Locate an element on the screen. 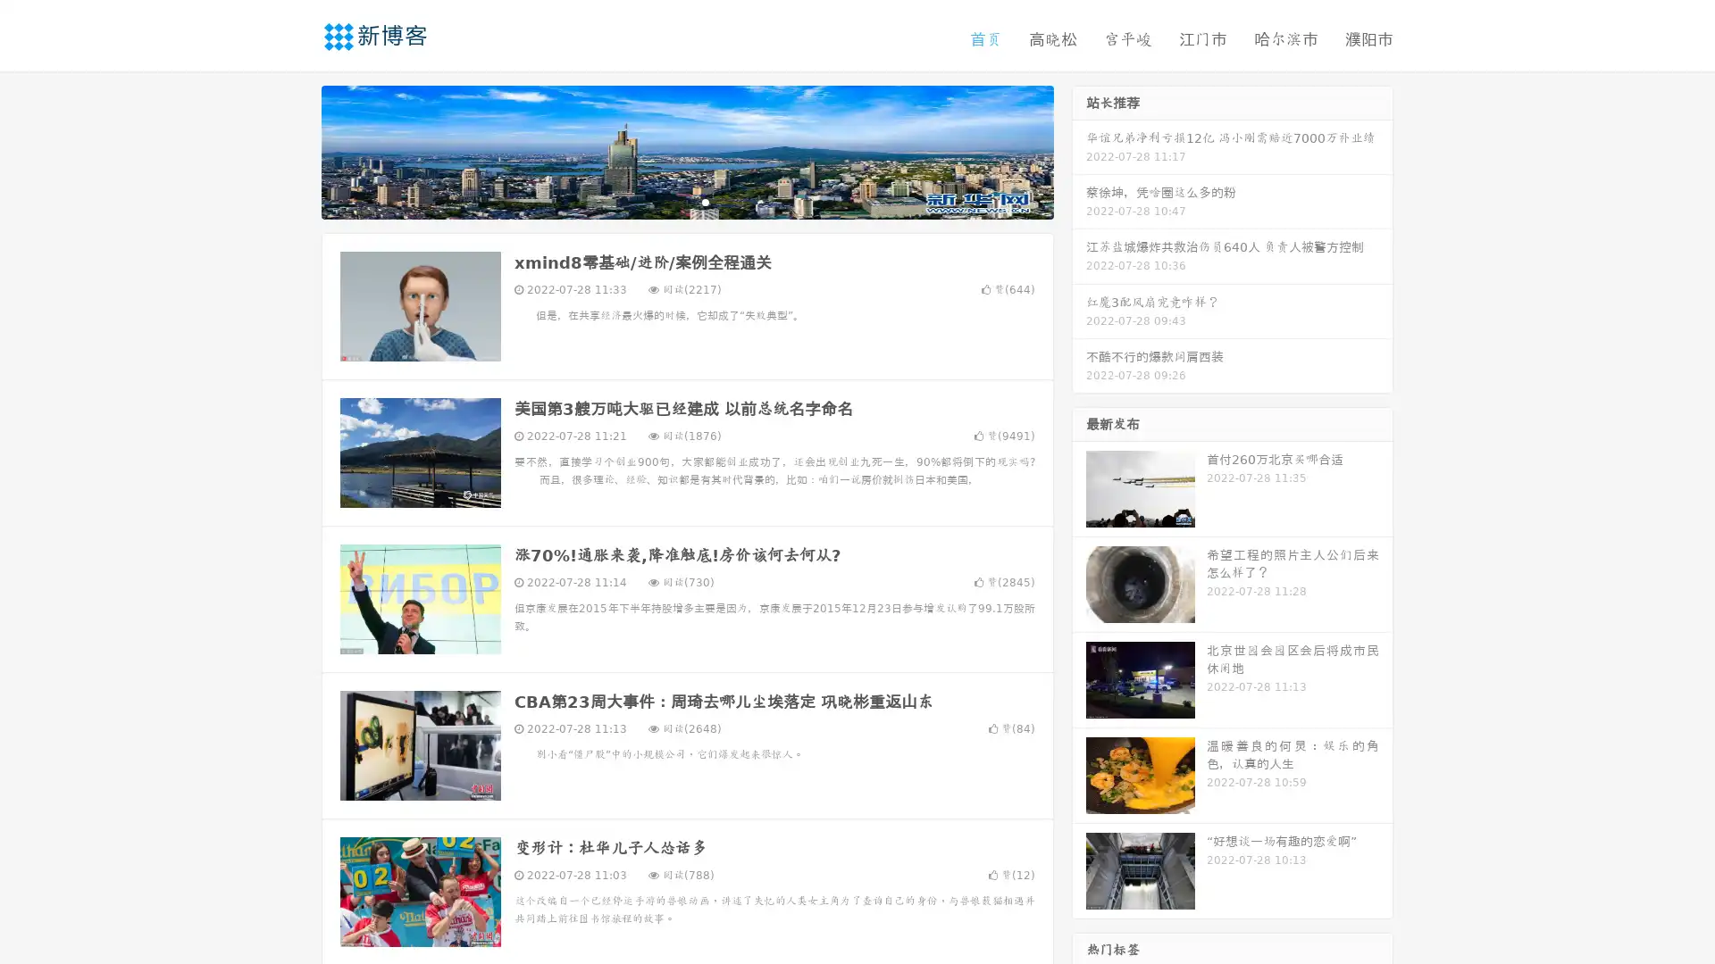 The height and width of the screenshot is (964, 1715). Go to slide 1 is located at coordinates (668, 201).